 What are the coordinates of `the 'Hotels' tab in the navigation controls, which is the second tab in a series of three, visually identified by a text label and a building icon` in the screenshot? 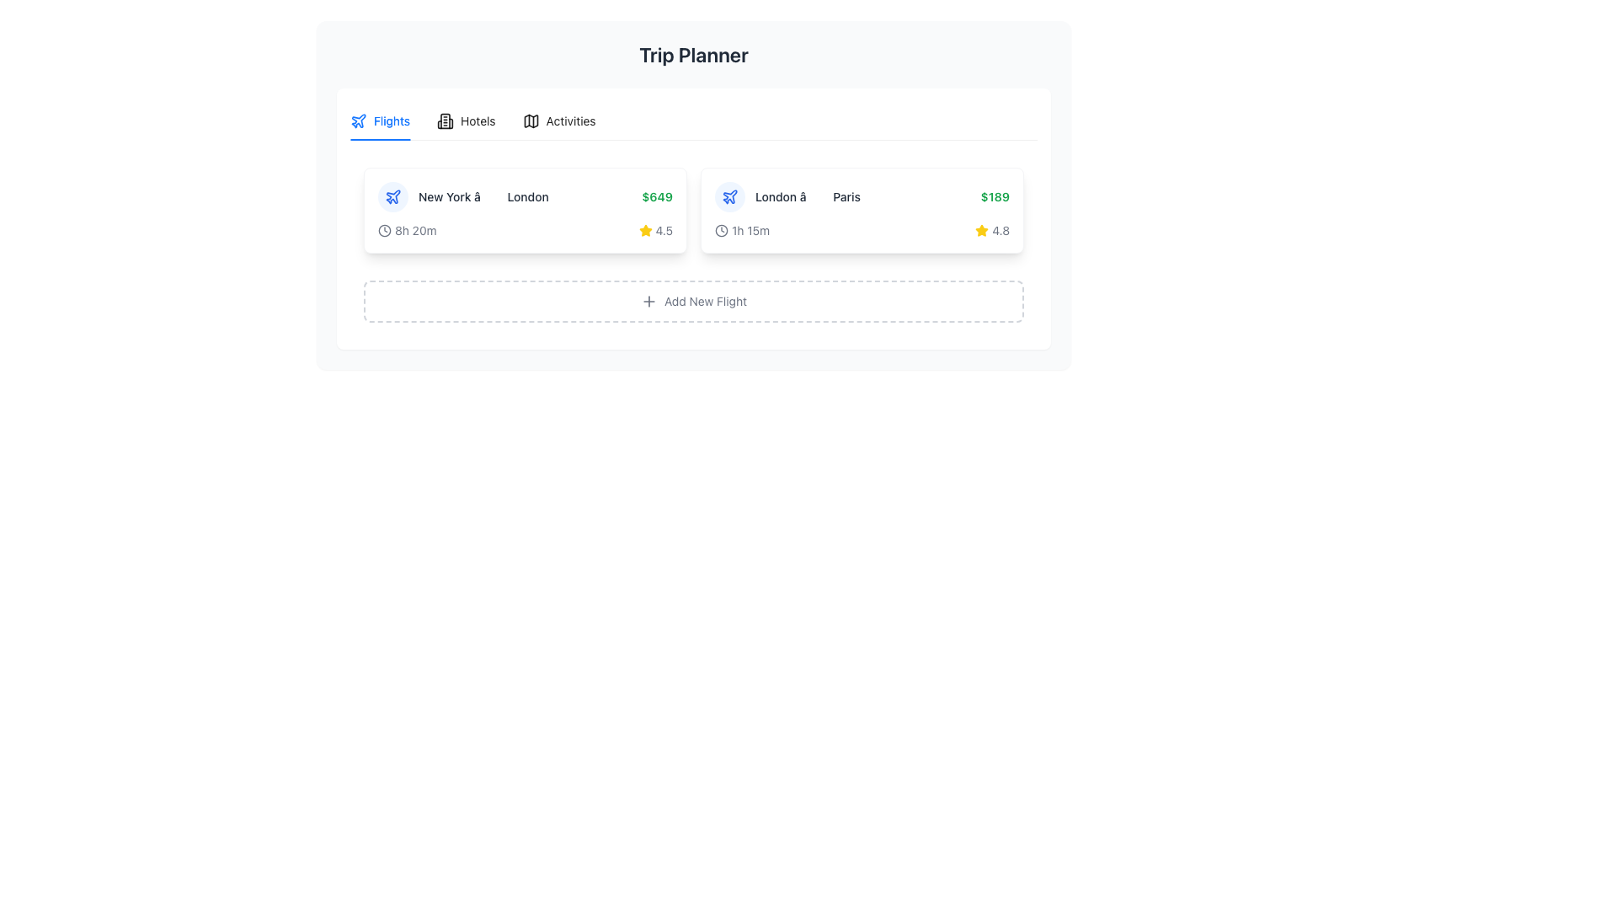 It's located at (466, 120).